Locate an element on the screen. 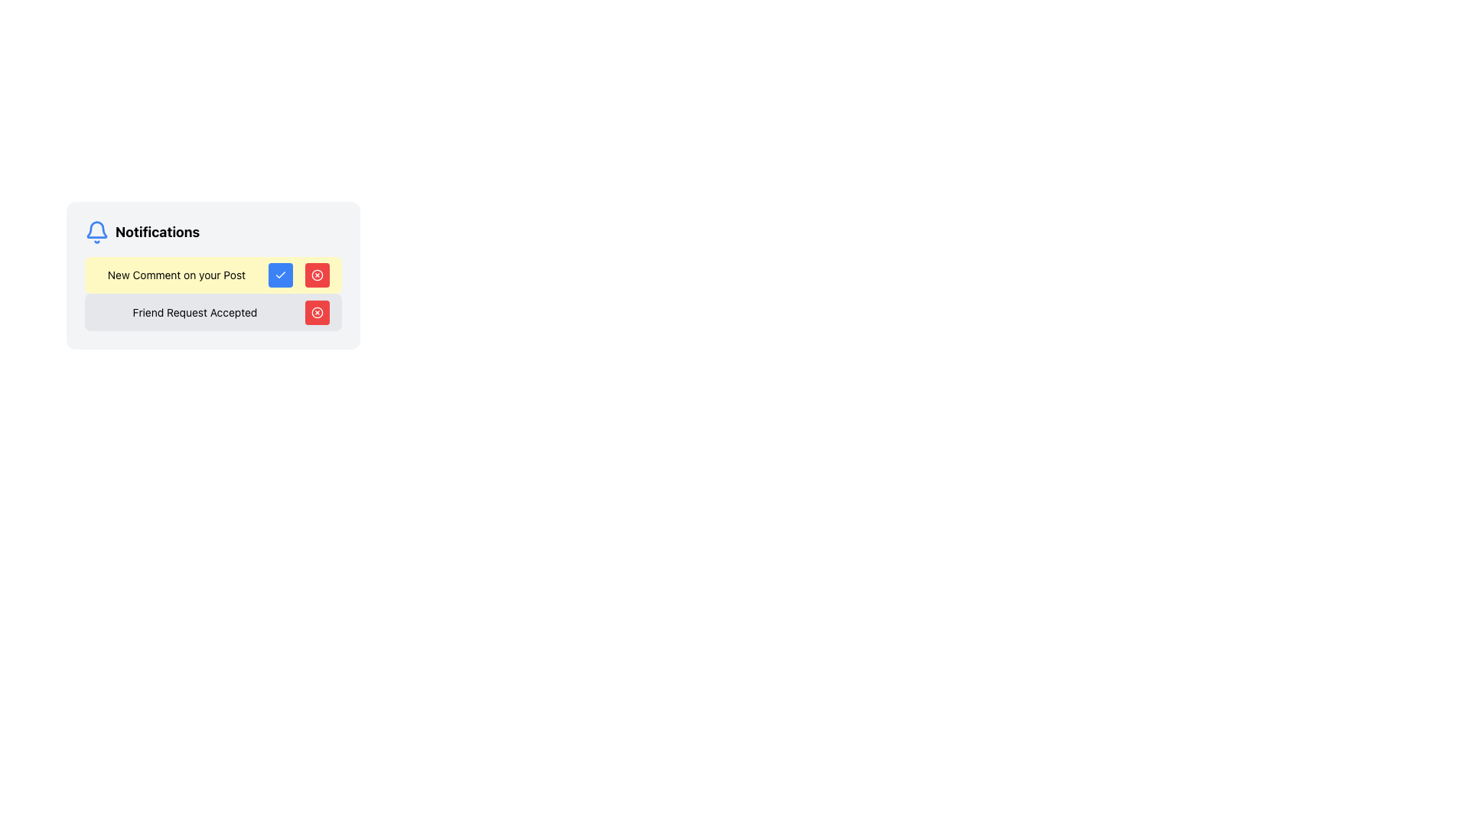 Image resolution: width=1469 pixels, height=826 pixels. notification icon located to the left of the 'Notifications' text to gather information about its functionality is located at coordinates (96, 233).